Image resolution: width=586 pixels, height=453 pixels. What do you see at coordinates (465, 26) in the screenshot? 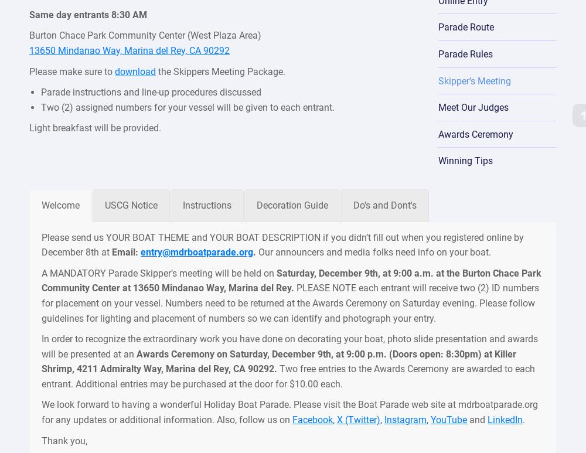
I see `'Parade Route'` at bounding box center [465, 26].